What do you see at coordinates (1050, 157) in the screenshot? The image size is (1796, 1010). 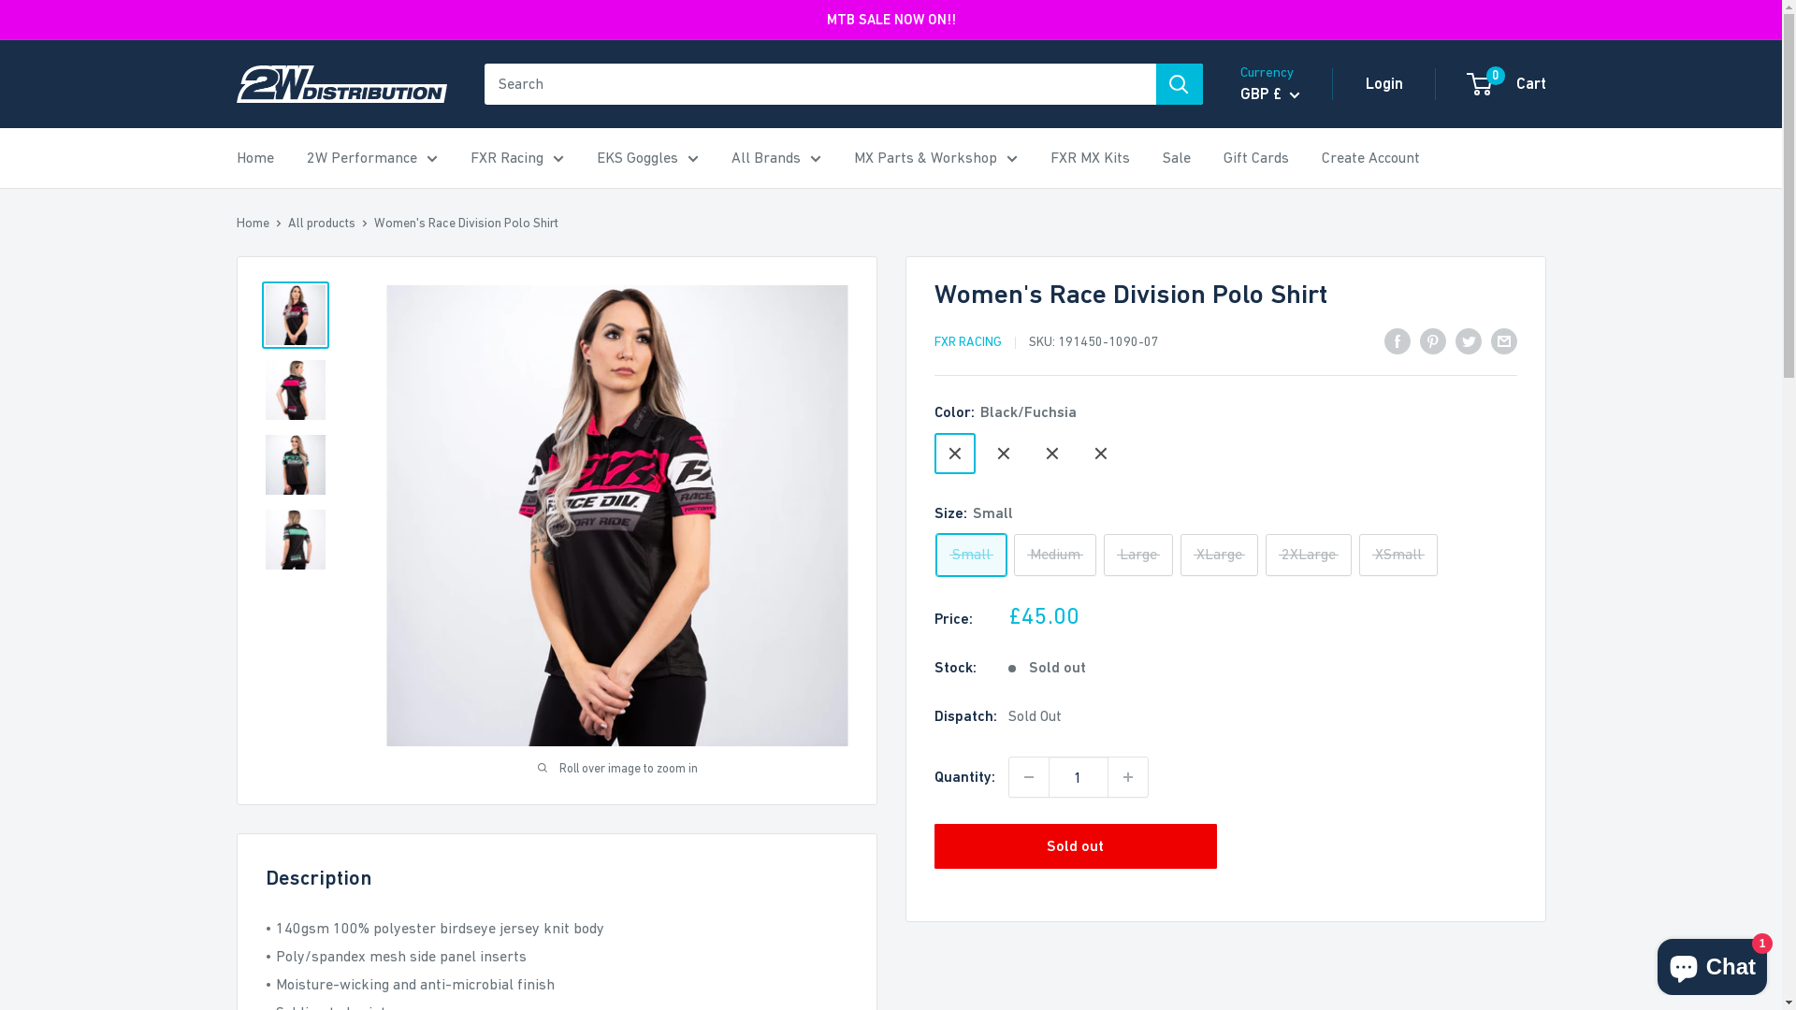 I see `'FXR MX Kits'` at bounding box center [1050, 157].